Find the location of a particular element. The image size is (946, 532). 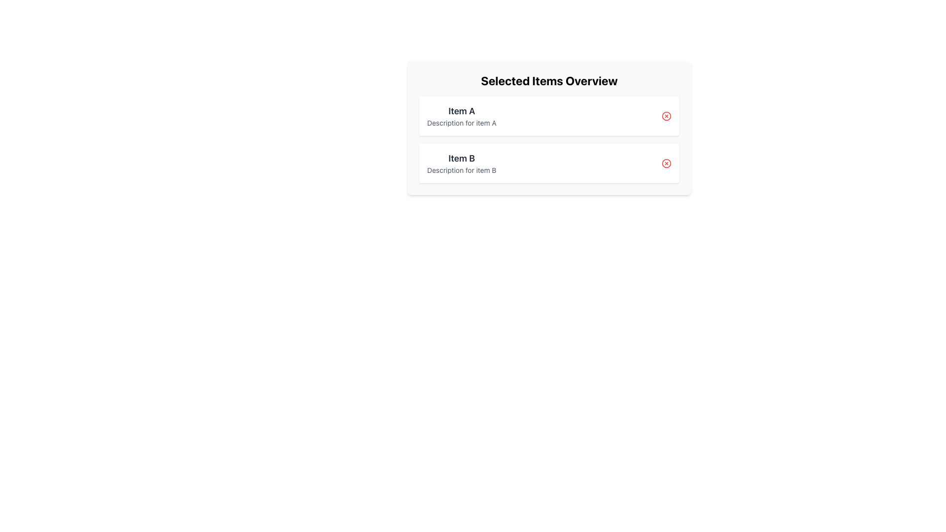

the List item displaying the details of 'Item B' is located at coordinates (461, 163).